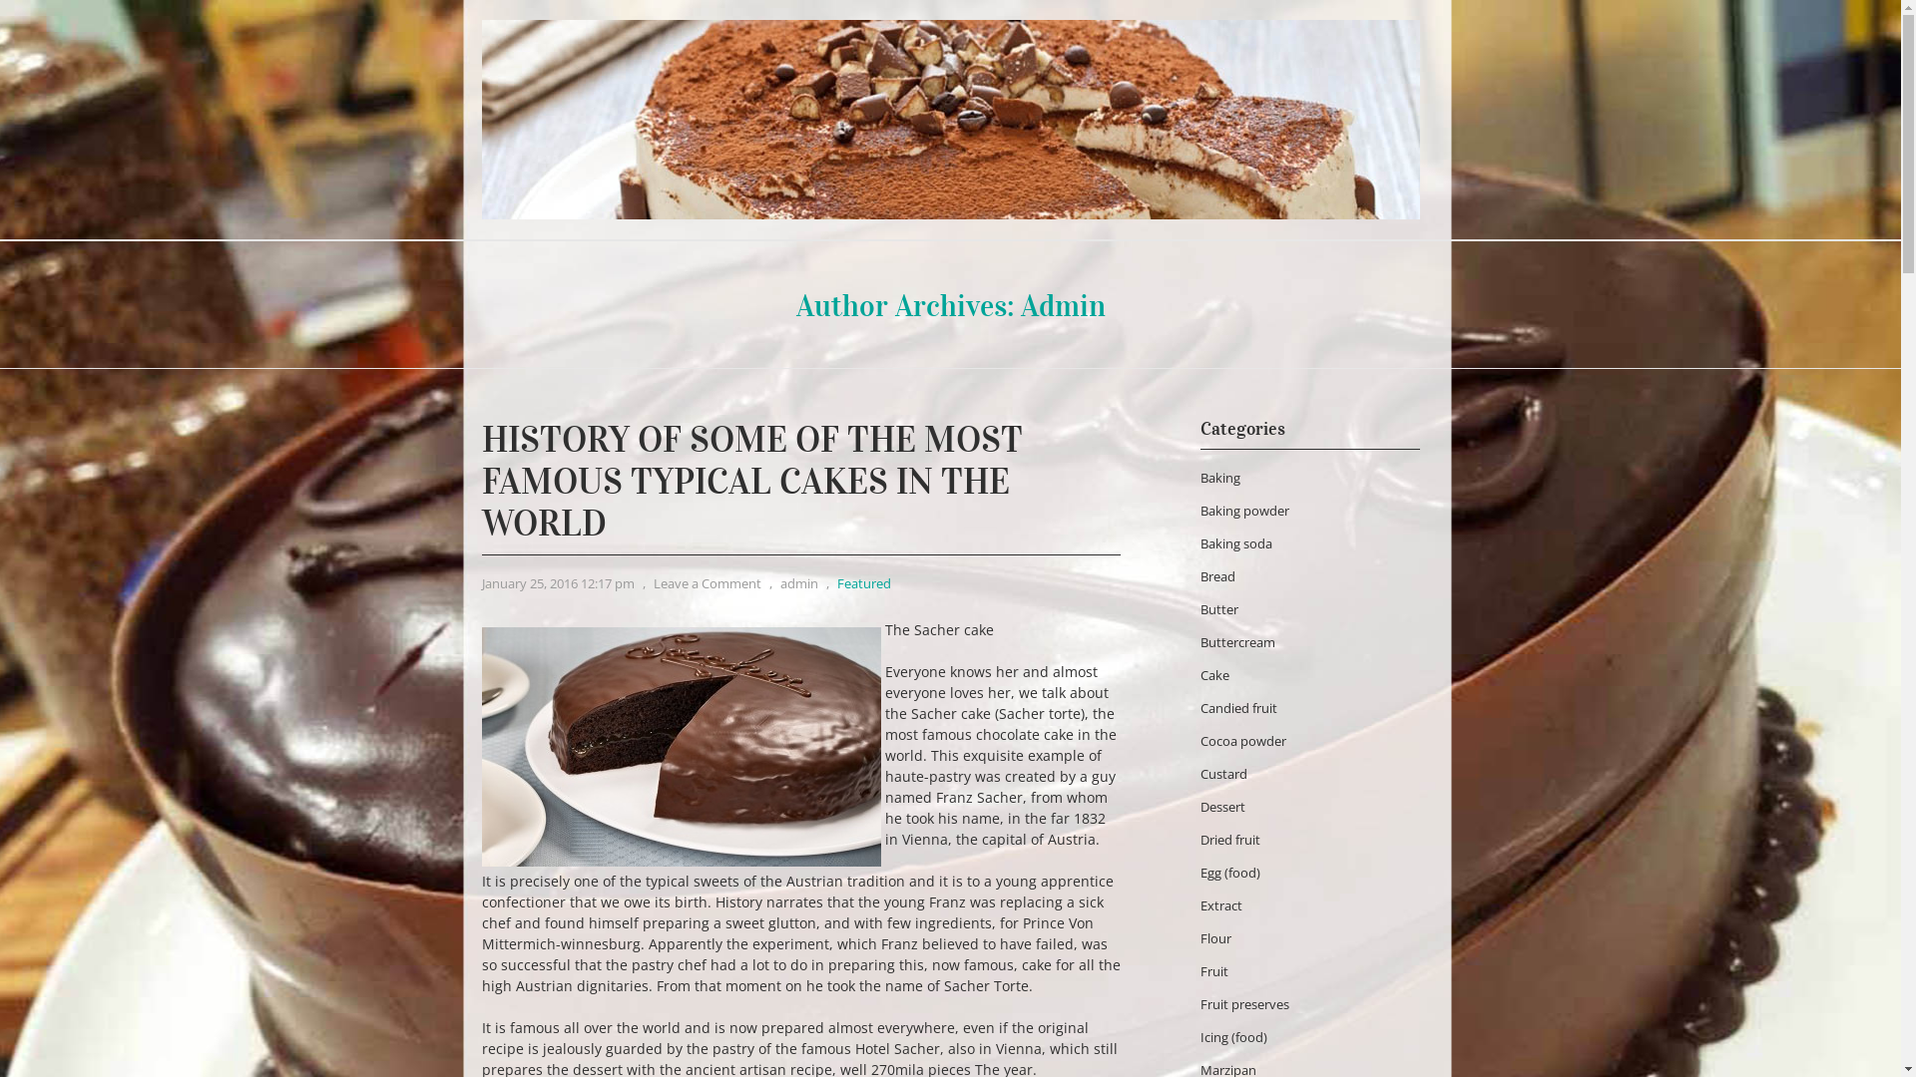 Image resolution: width=1916 pixels, height=1077 pixels. Describe the element at coordinates (1240, 741) in the screenshot. I see `'Cocoa powder'` at that location.